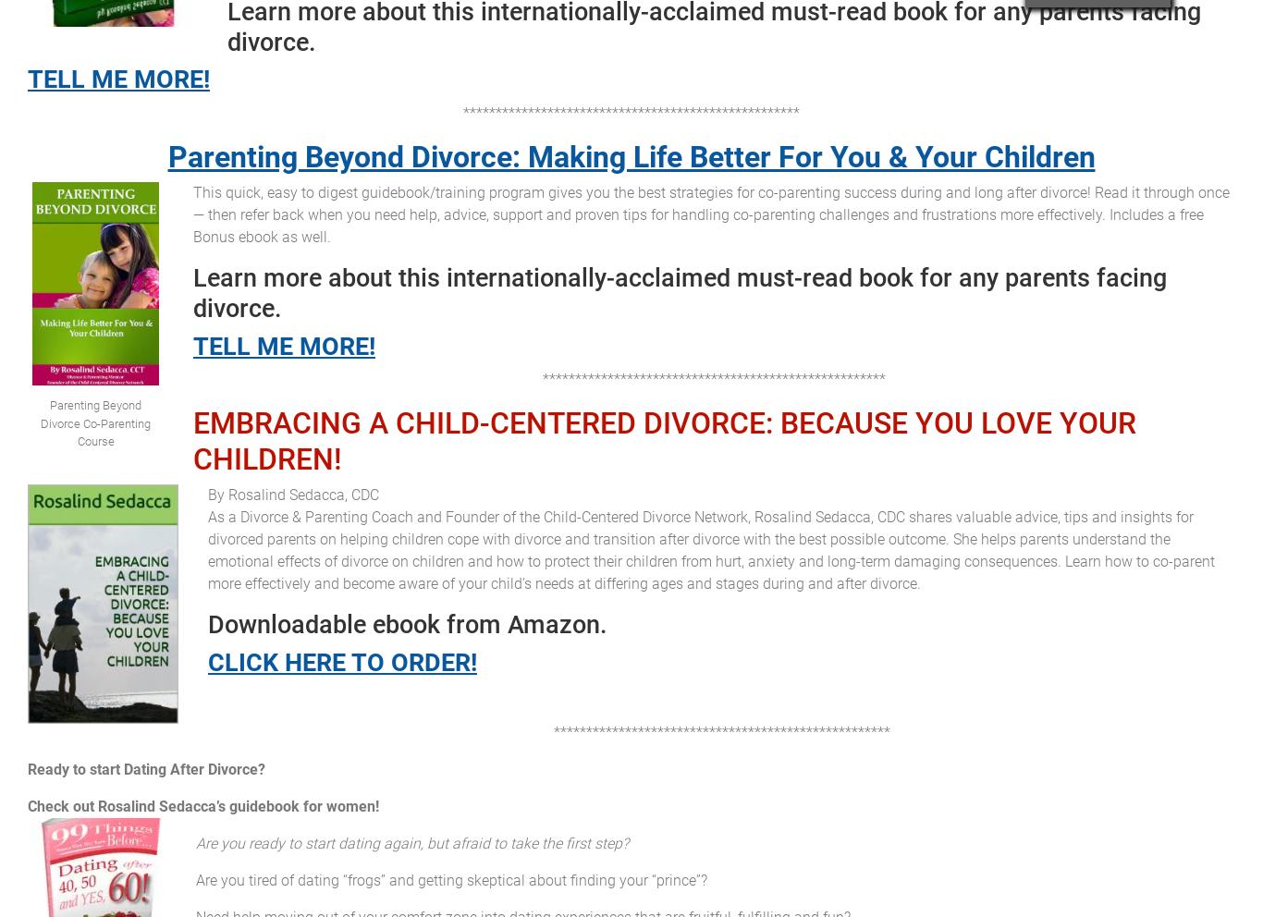  What do you see at coordinates (680, 293) in the screenshot?
I see `'Learn more about this internationally-acclaimed must-read book for any parents facing divorce.'` at bounding box center [680, 293].